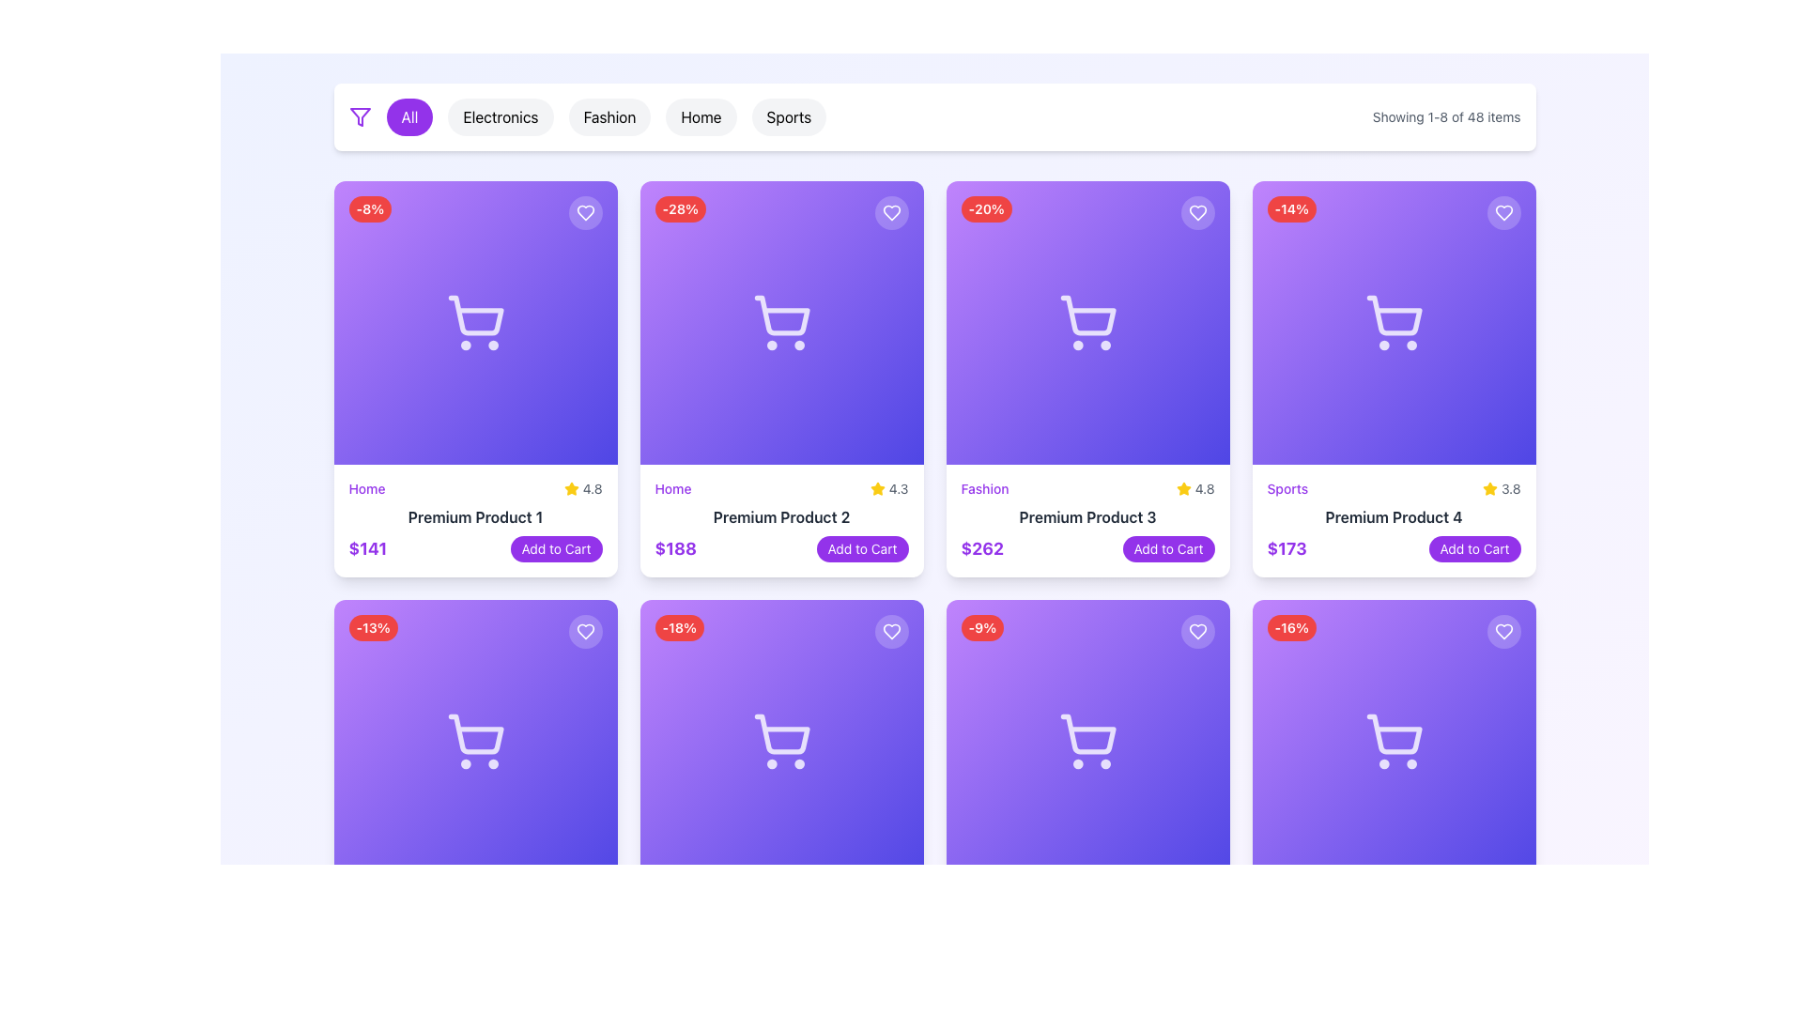  Describe the element at coordinates (1196, 212) in the screenshot. I see `the heart-shaped icon with a thin outlined design located at the top-right corner of the third card in the first row` at that location.